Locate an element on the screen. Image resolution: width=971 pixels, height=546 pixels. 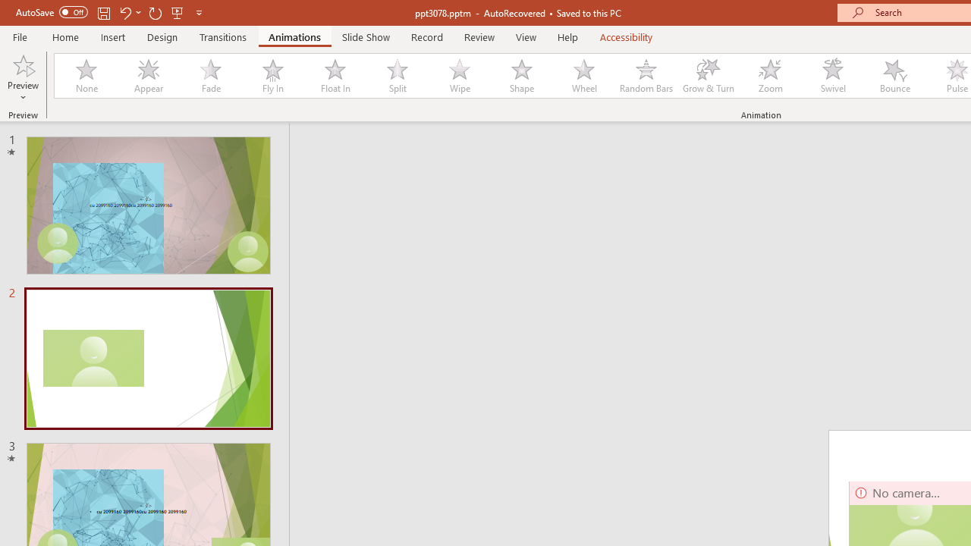
'Accessibility' is located at coordinates (627, 36).